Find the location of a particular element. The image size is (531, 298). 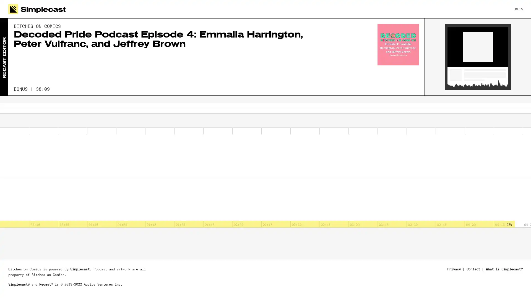

Recast & Share is located at coordinates (495, 286).